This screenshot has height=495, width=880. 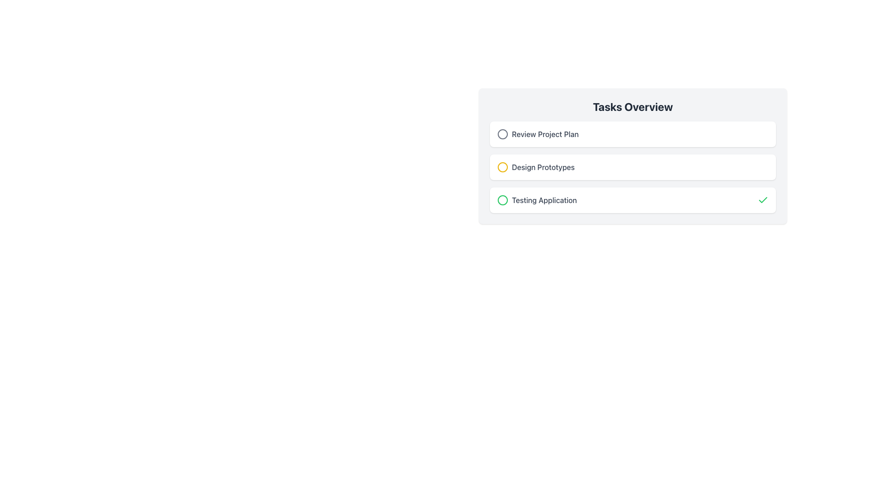 I want to click on the first task item in the task list named 'Review Project Plan', which is positioned at the top of the vertically stacked list, so click(x=538, y=134).